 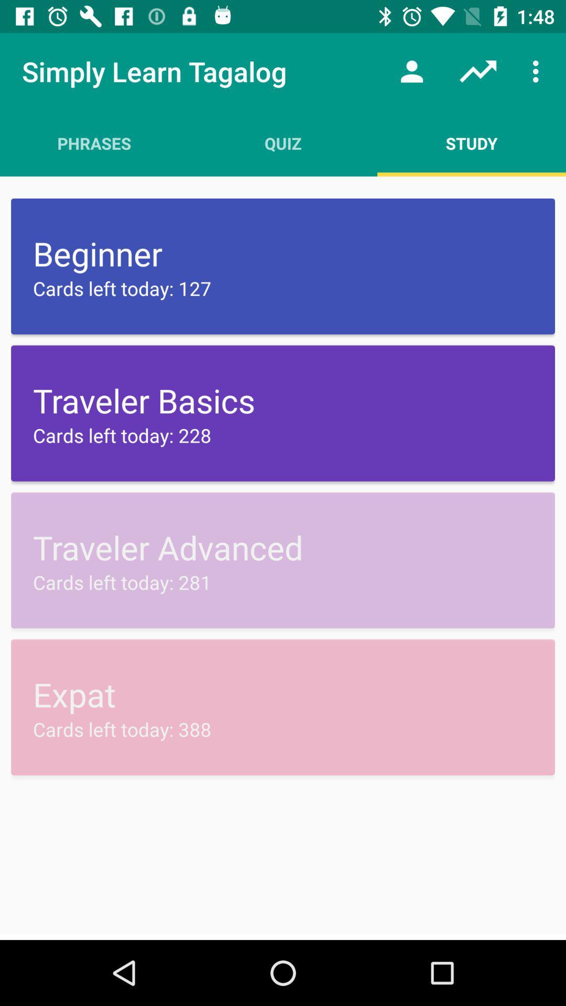 What do you see at coordinates (94, 143) in the screenshot?
I see `phrases app` at bounding box center [94, 143].